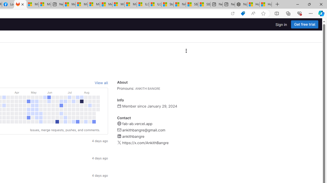 This screenshot has height=183, width=327. I want to click on 'Microsoft account | Home', so click(94, 4).